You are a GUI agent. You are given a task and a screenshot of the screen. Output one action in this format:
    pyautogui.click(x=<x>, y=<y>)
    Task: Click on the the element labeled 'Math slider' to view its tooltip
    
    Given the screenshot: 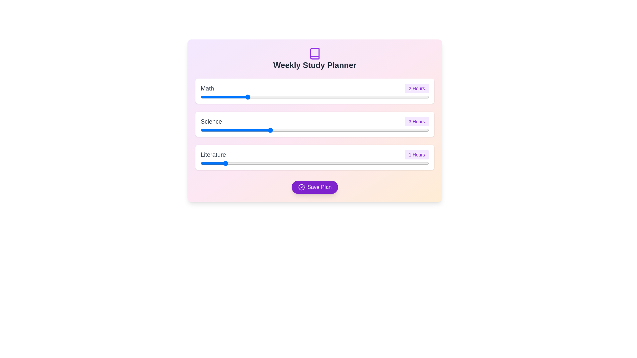 What is the action you would take?
    pyautogui.click(x=315, y=97)
    